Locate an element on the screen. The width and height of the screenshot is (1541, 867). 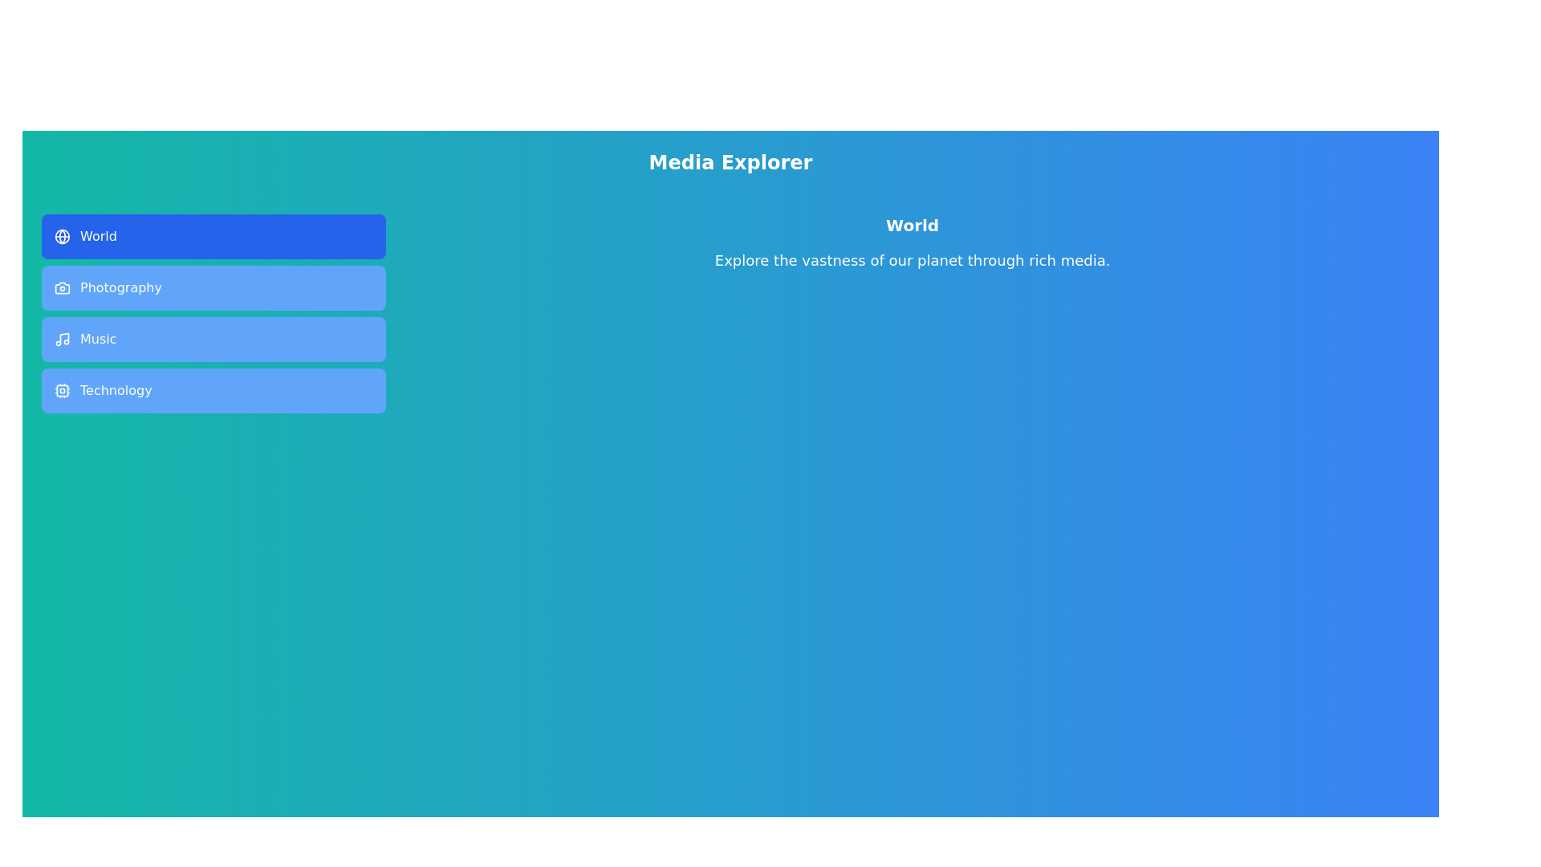
the icon of the World tab to examine it is located at coordinates (62, 236).